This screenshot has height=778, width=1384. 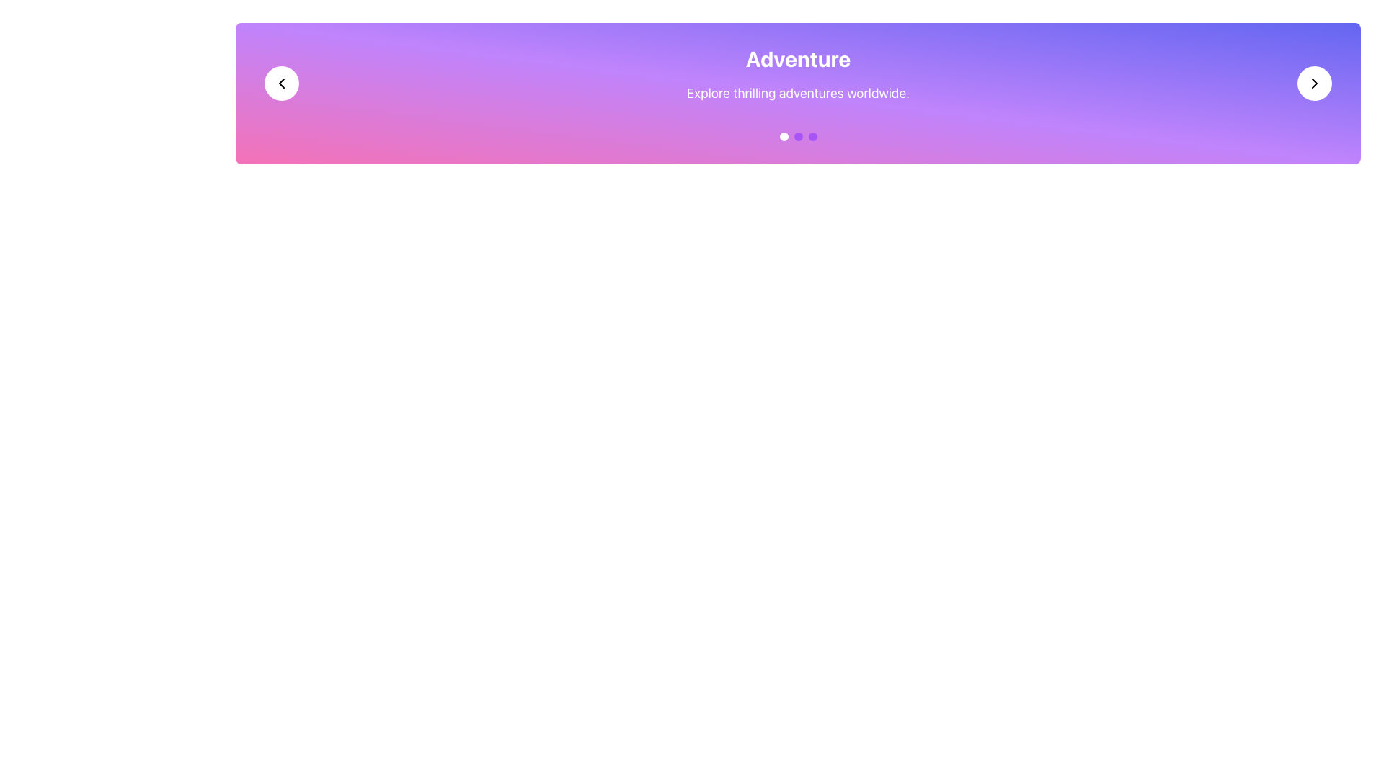 I want to click on the descriptive subtitle text block located immediately below the 'Adventure' heading, so click(x=797, y=94).